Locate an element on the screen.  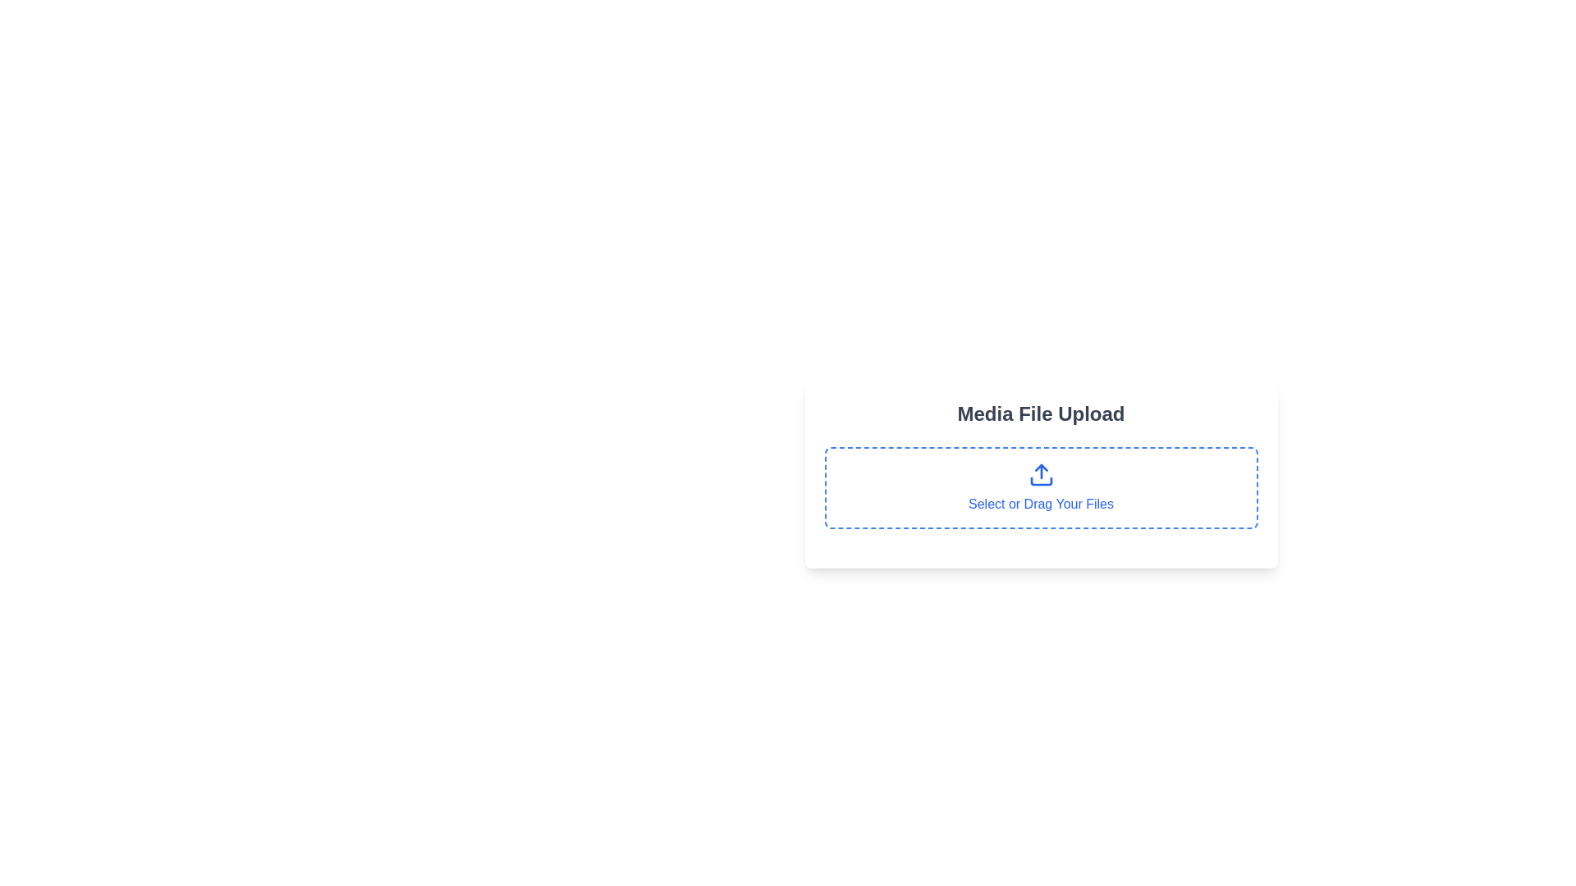
the file upload area located within the 'Media File Upload' card, which is centered below the 'Media File Upload' heading is located at coordinates (1040, 486).